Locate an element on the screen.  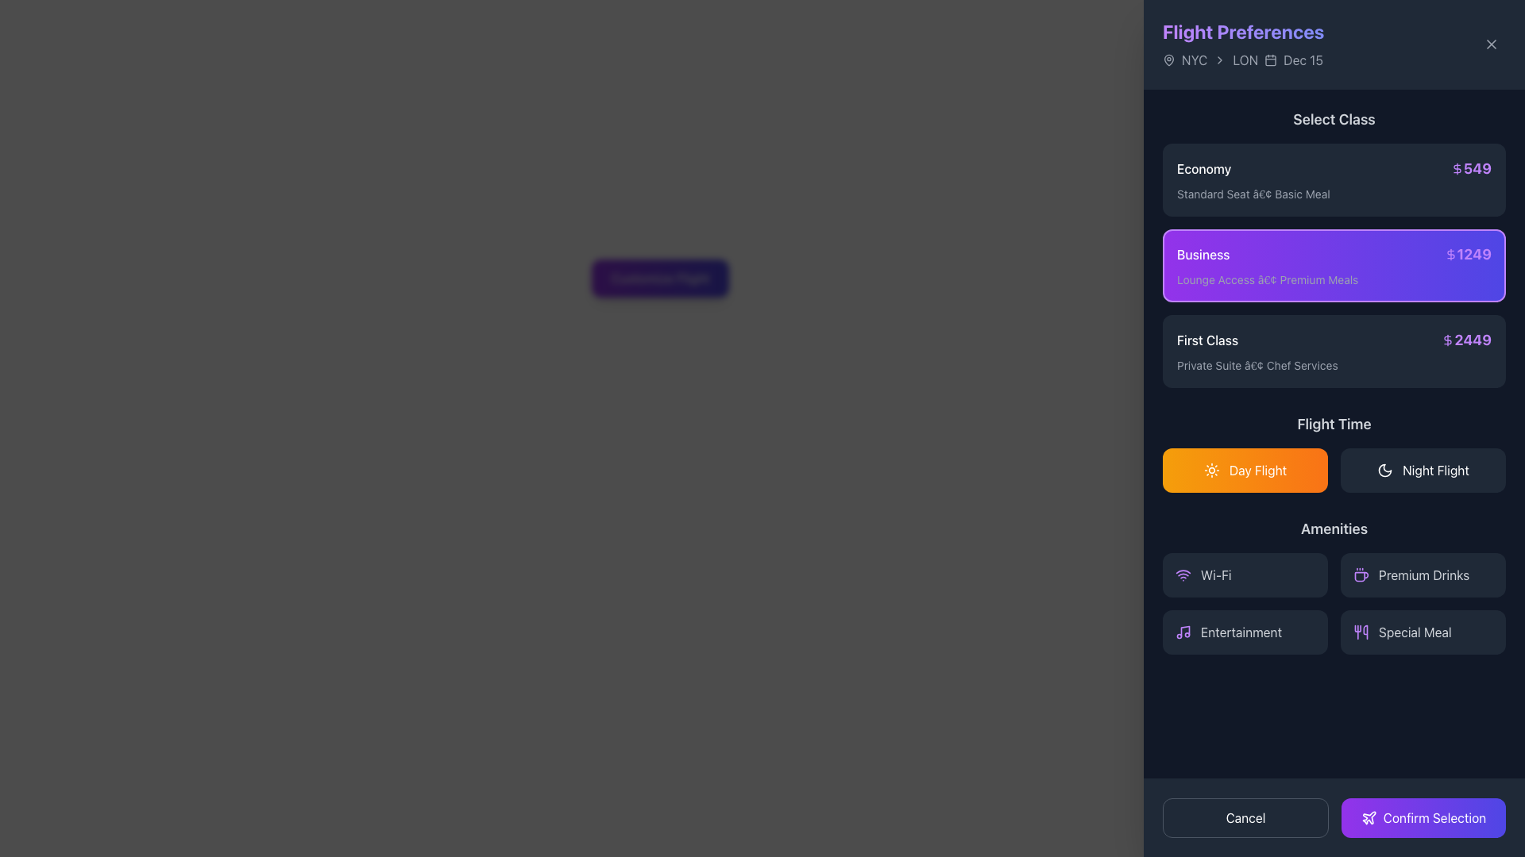
displayed text from the 'Business' label, which is styled in a medium-weight font and located in the 'Select Class' section, positioned near the top of the right-hand panel is located at coordinates (1203, 253).